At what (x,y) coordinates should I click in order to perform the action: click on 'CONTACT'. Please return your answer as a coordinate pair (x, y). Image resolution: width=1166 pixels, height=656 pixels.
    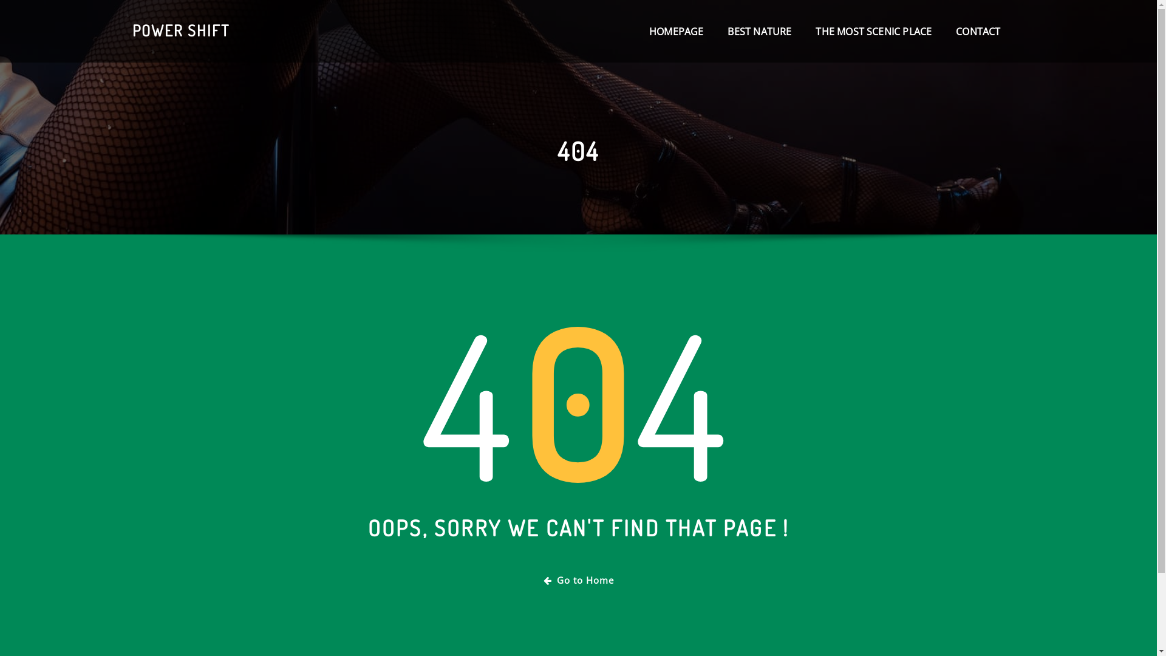
    Looking at the image, I should click on (978, 30).